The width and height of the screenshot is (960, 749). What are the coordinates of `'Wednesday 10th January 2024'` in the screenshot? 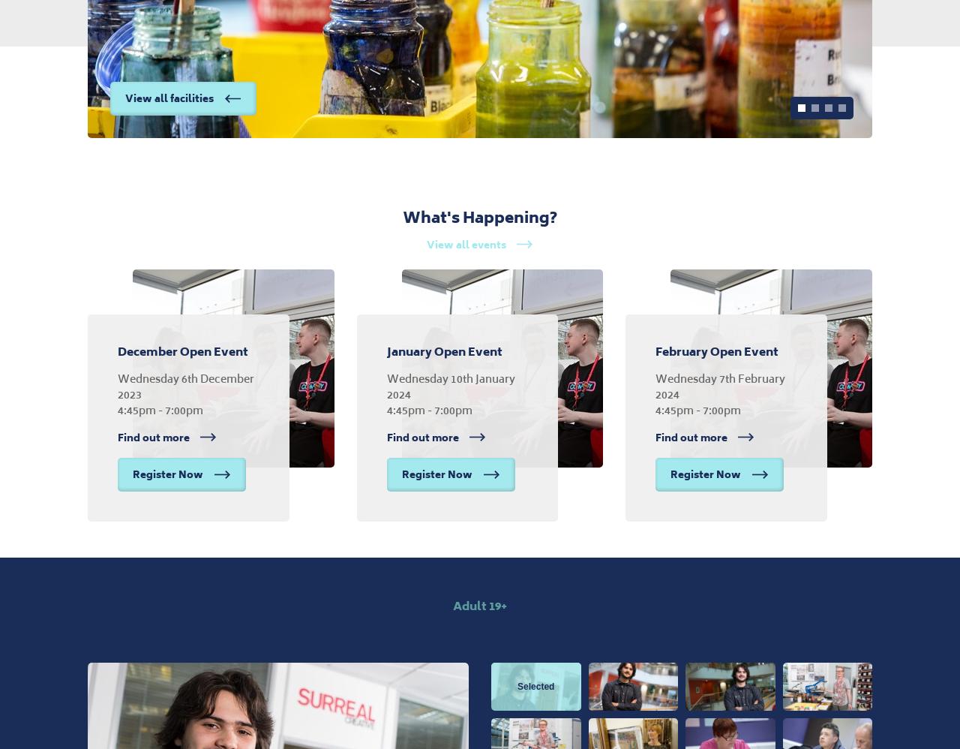 It's located at (449, 385).